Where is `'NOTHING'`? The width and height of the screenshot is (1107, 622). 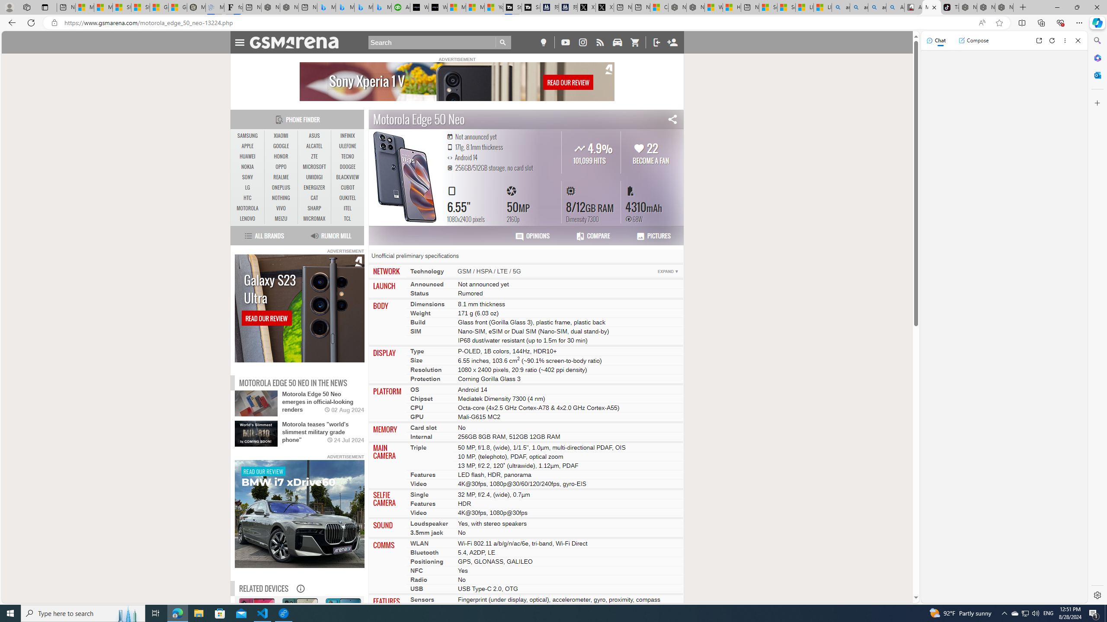 'NOTHING' is located at coordinates (281, 198).